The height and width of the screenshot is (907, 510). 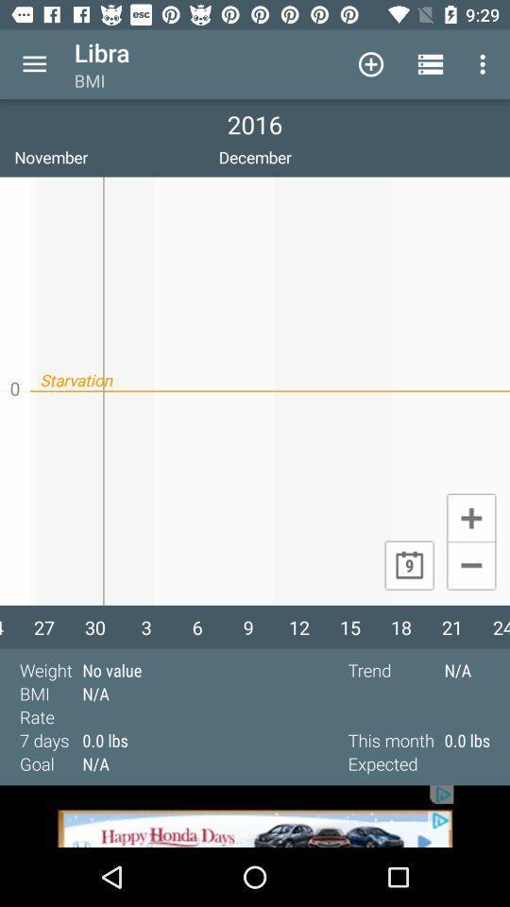 What do you see at coordinates (470, 517) in the screenshot?
I see `zoom in the grape` at bounding box center [470, 517].